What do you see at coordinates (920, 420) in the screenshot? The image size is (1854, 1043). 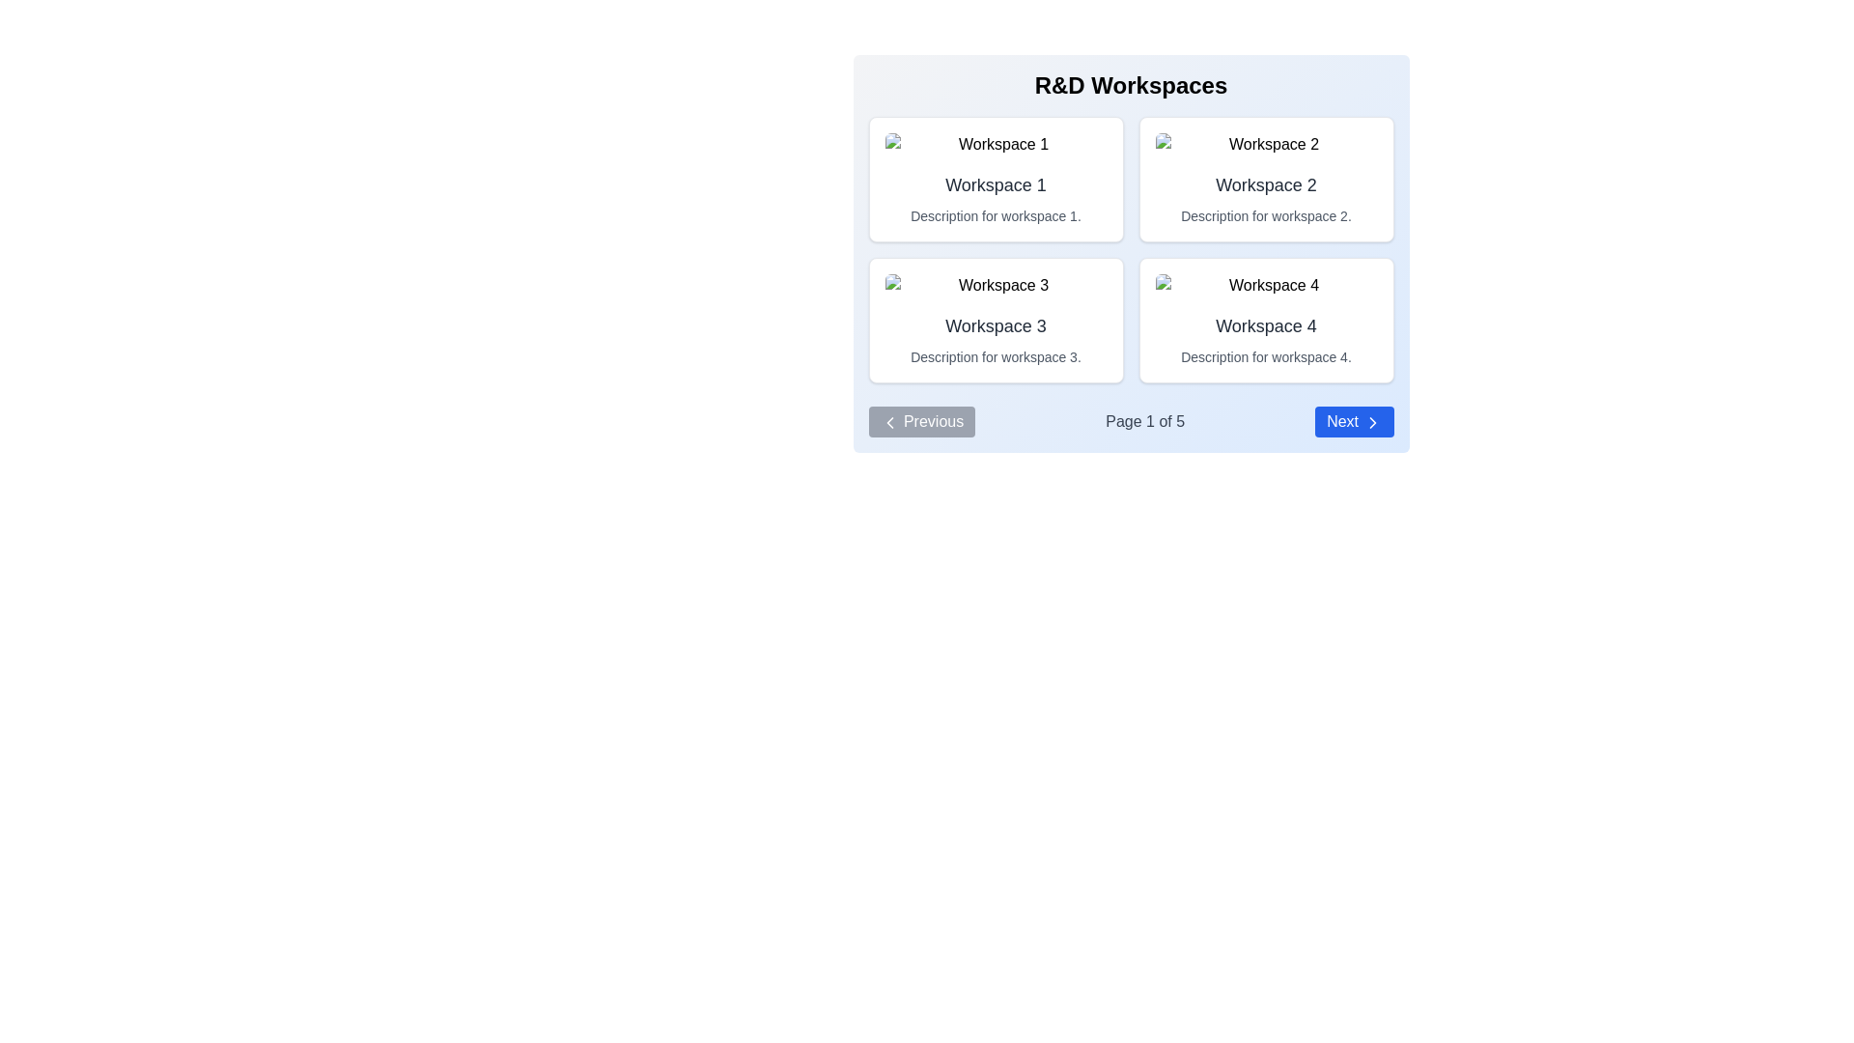 I see `'Previous' button with rounded corners and blue background for its disabled state, located at the bottom-left corner of the content area` at bounding box center [920, 420].